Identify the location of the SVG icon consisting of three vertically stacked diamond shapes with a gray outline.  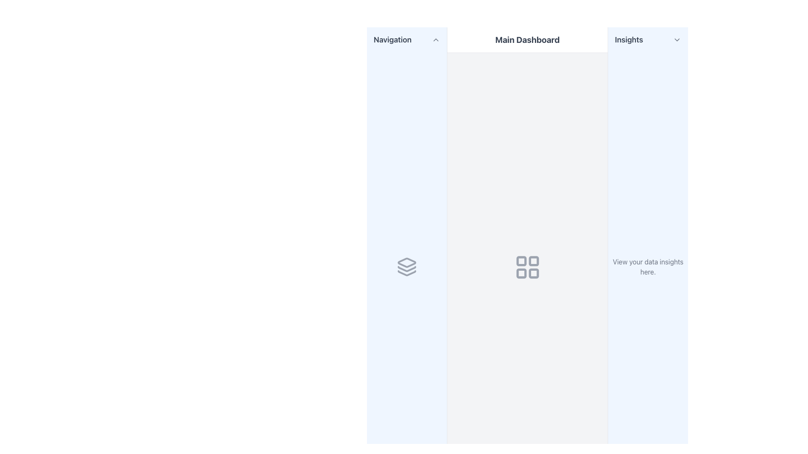
(407, 267).